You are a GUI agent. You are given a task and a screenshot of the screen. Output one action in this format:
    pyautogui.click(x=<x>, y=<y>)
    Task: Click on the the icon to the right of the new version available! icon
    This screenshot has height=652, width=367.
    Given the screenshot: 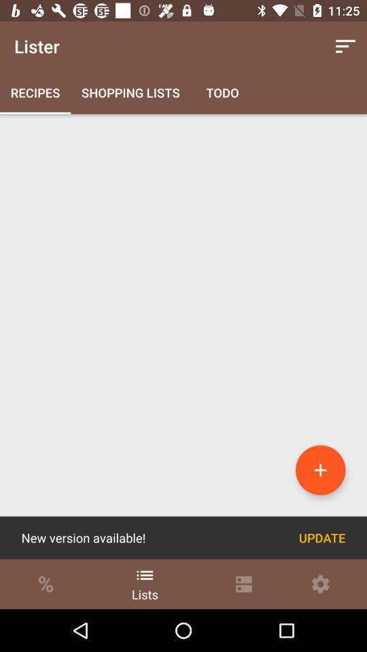 What is the action you would take?
    pyautogui.click(x=321, y=538)
    